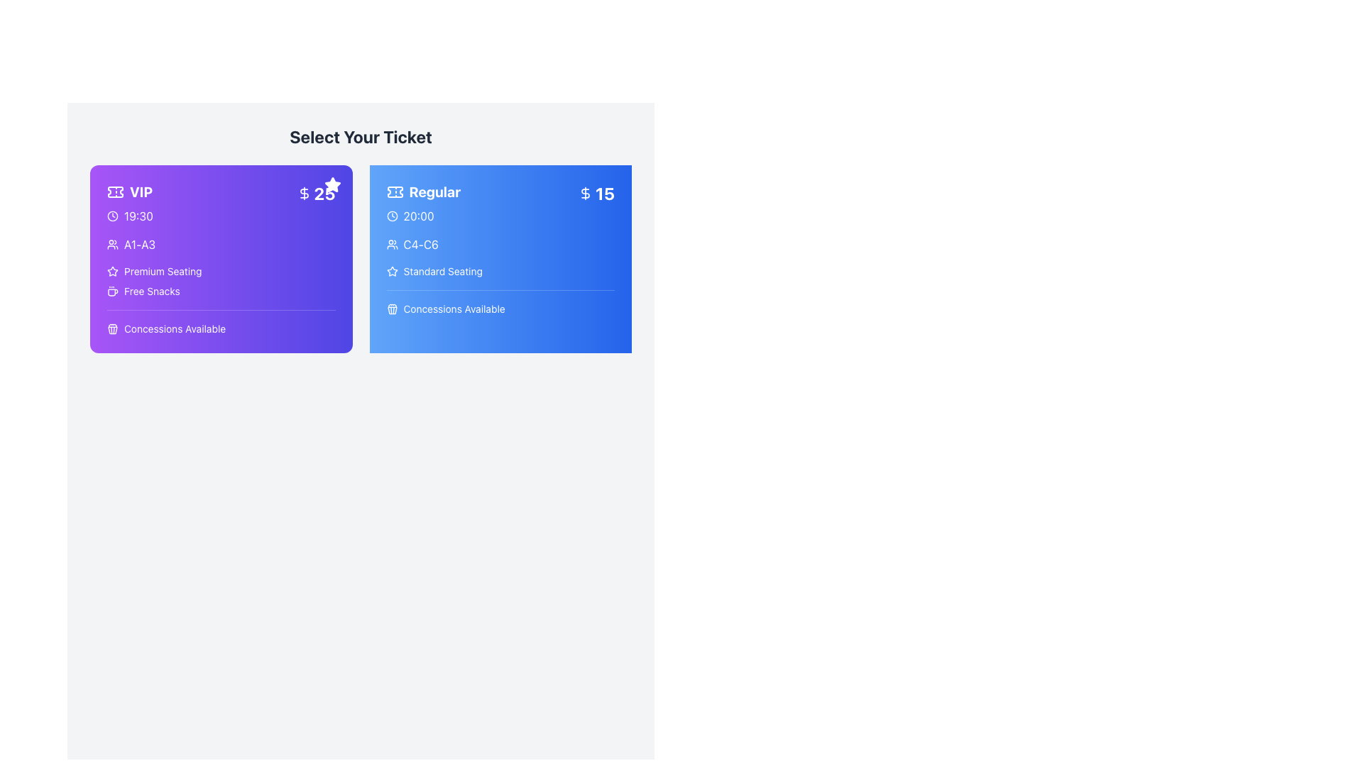 The height and width of the screenshot is (766, 1363). Describe the element at coordinates (392, 271) in the screenshot. I see `the decorative star icon located to the left of the 'Standard Seating' label in the 'Regular' ticket card, indicating a special feature` at that location.